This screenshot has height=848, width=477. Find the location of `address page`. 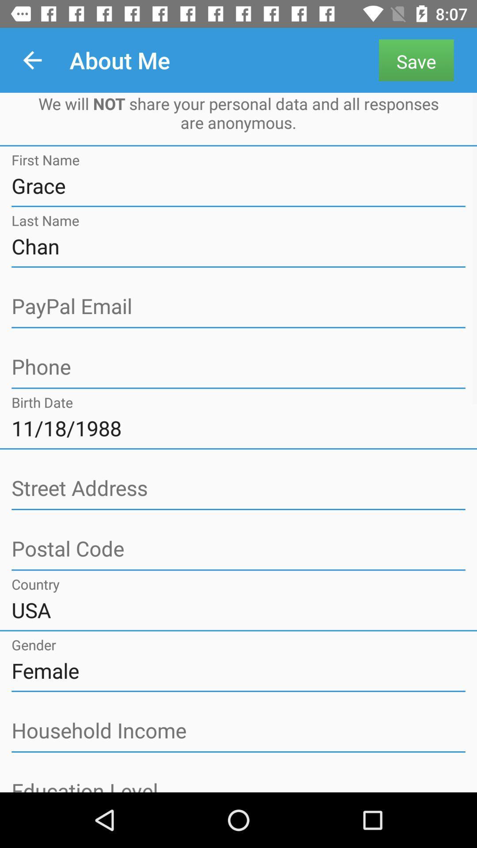

address page is located at coordinates (238, 549).